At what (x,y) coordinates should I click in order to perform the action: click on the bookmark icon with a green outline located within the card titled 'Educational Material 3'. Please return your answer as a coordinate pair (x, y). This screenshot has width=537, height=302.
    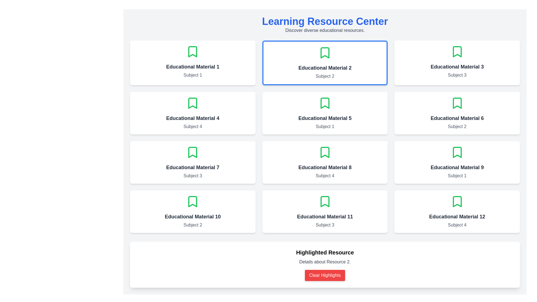
    Looking at the image, I should click on (457, 52).